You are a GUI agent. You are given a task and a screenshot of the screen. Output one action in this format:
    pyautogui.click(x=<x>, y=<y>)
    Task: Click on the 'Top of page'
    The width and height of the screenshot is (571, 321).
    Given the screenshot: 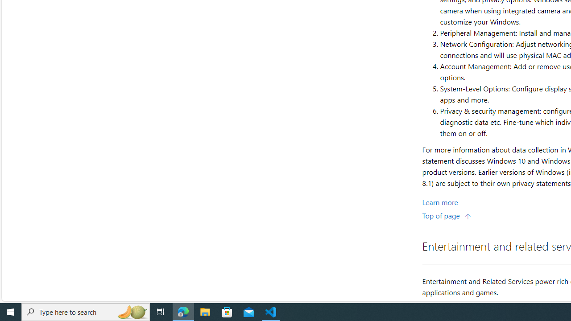 What is the action you would take?
    pyautogui.click(x=447, y=215)
    